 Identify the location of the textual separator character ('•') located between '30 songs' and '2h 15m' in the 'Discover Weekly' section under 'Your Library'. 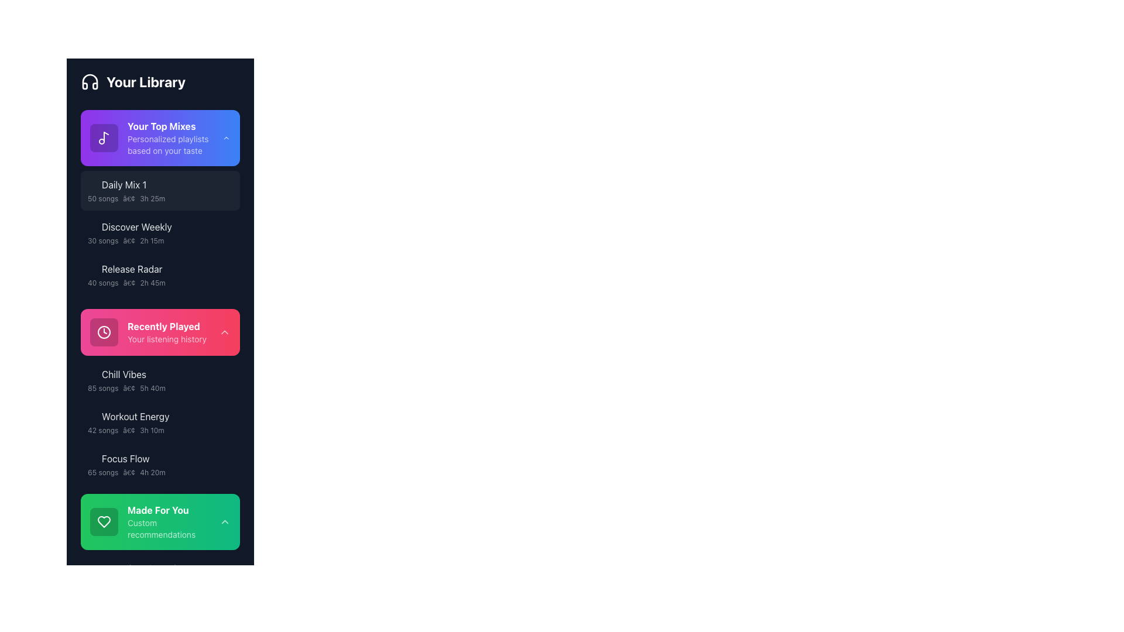
(129, 241).